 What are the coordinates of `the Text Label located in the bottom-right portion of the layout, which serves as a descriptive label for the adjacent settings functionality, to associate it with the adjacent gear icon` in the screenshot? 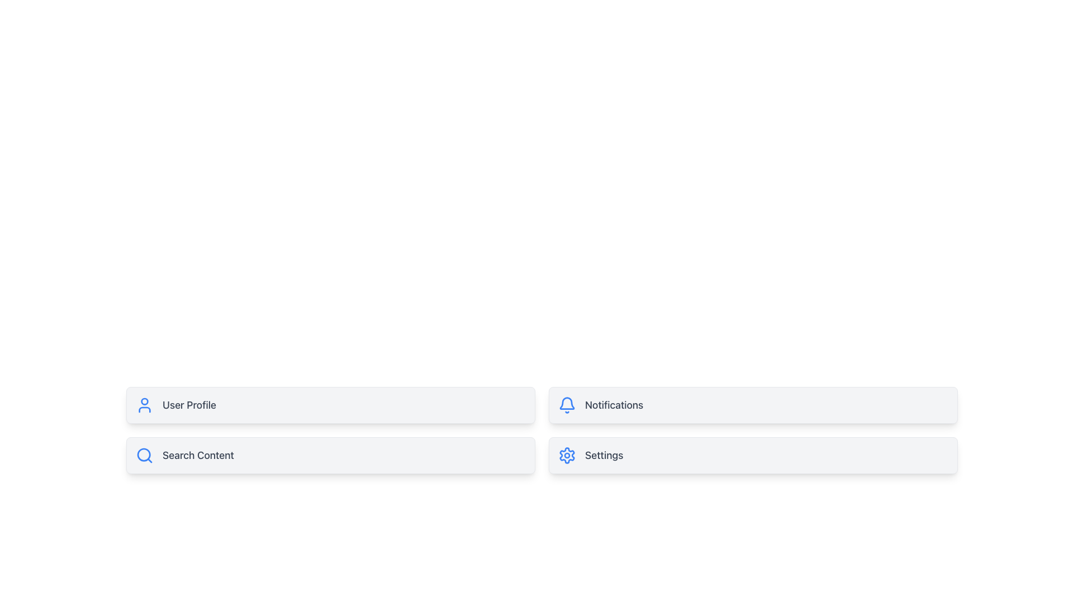 It's located at (604, 456).